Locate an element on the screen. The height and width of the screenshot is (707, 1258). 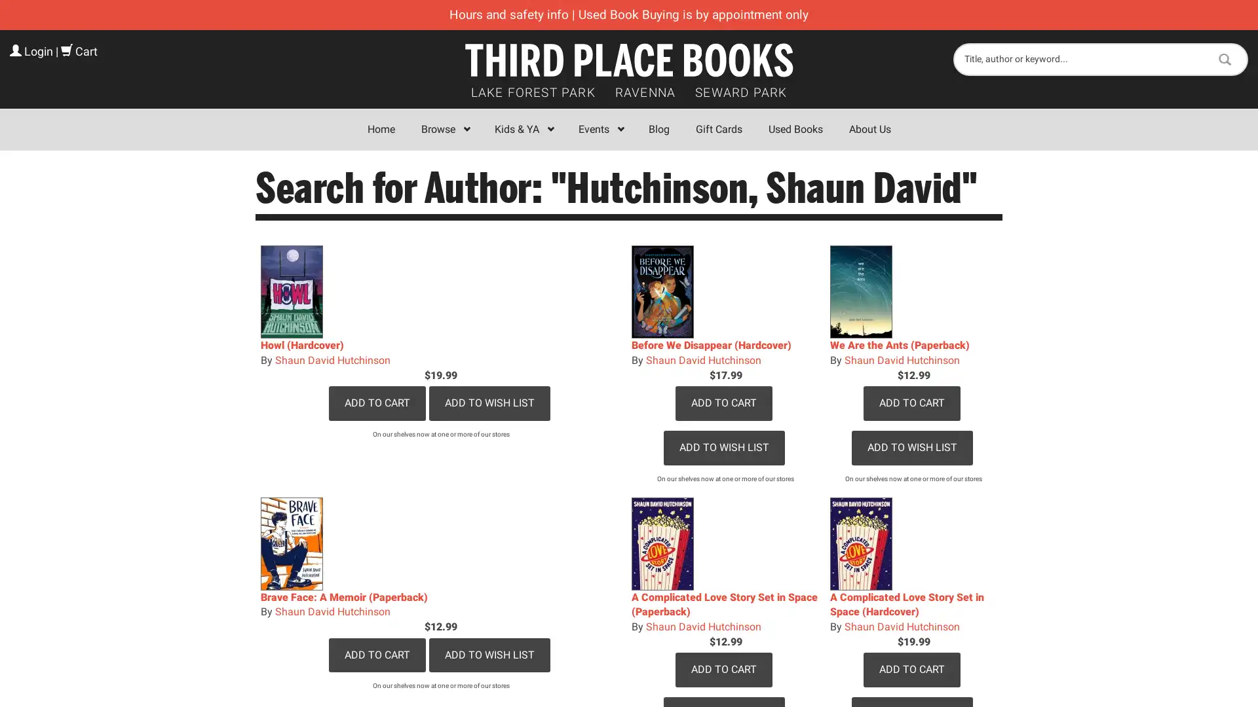
Add to Cart is located at coordinates (723, 670).